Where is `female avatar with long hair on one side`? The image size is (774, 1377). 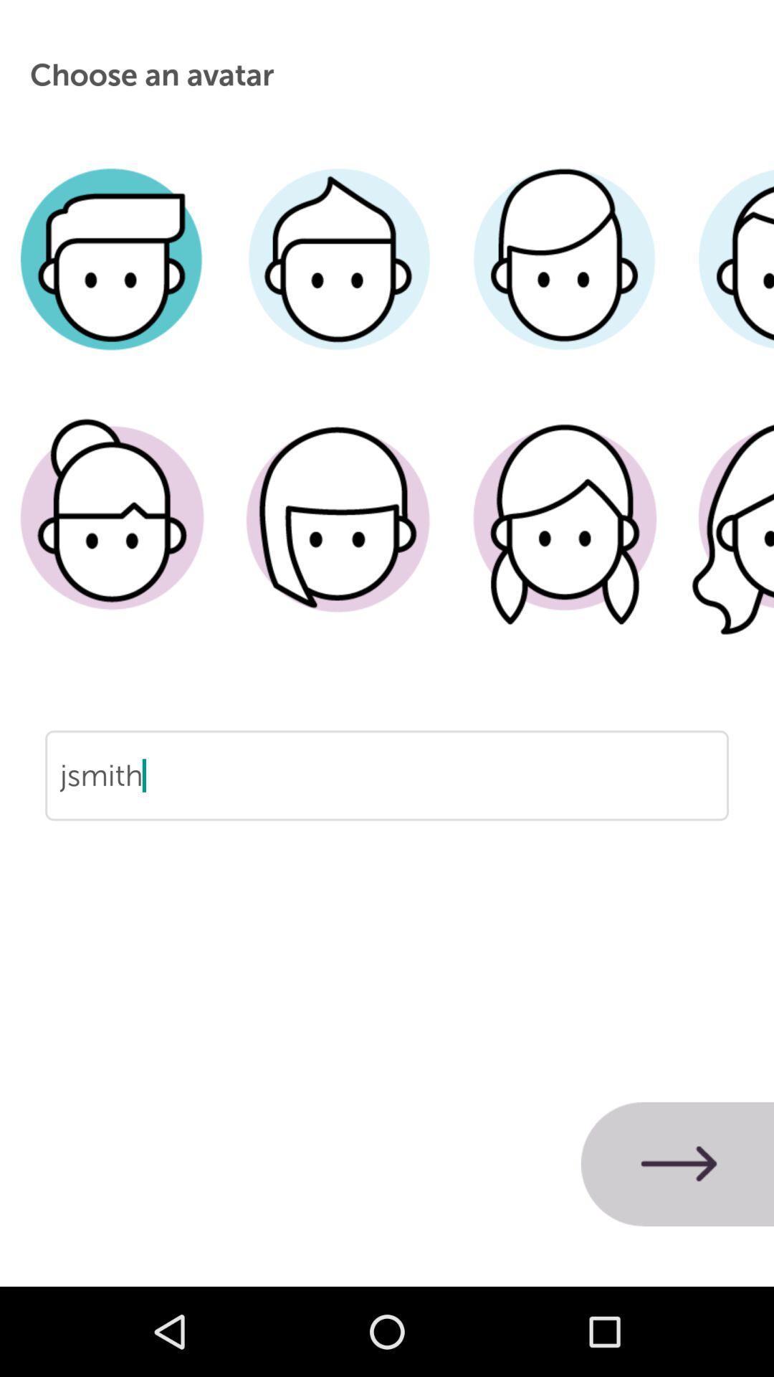 female avatar with long hair on one side is located at coordinates (338, 539).